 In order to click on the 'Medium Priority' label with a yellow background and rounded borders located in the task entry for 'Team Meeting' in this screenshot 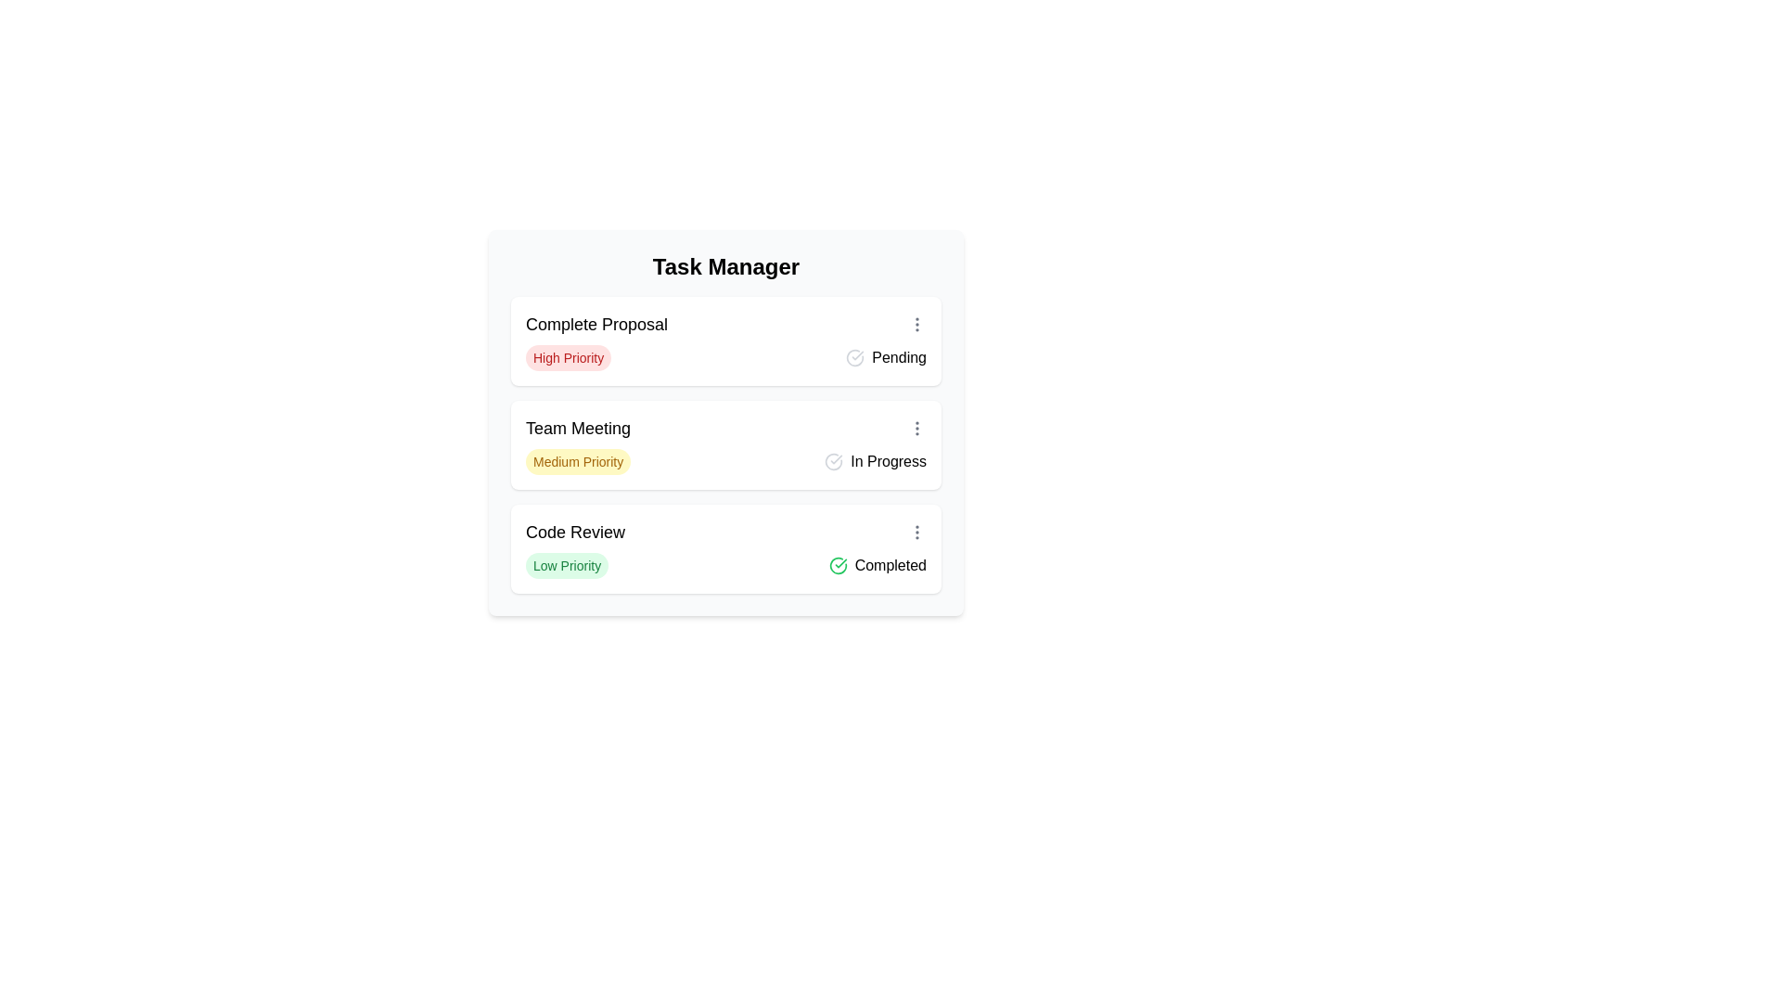, I will do `click(577, 460)`.